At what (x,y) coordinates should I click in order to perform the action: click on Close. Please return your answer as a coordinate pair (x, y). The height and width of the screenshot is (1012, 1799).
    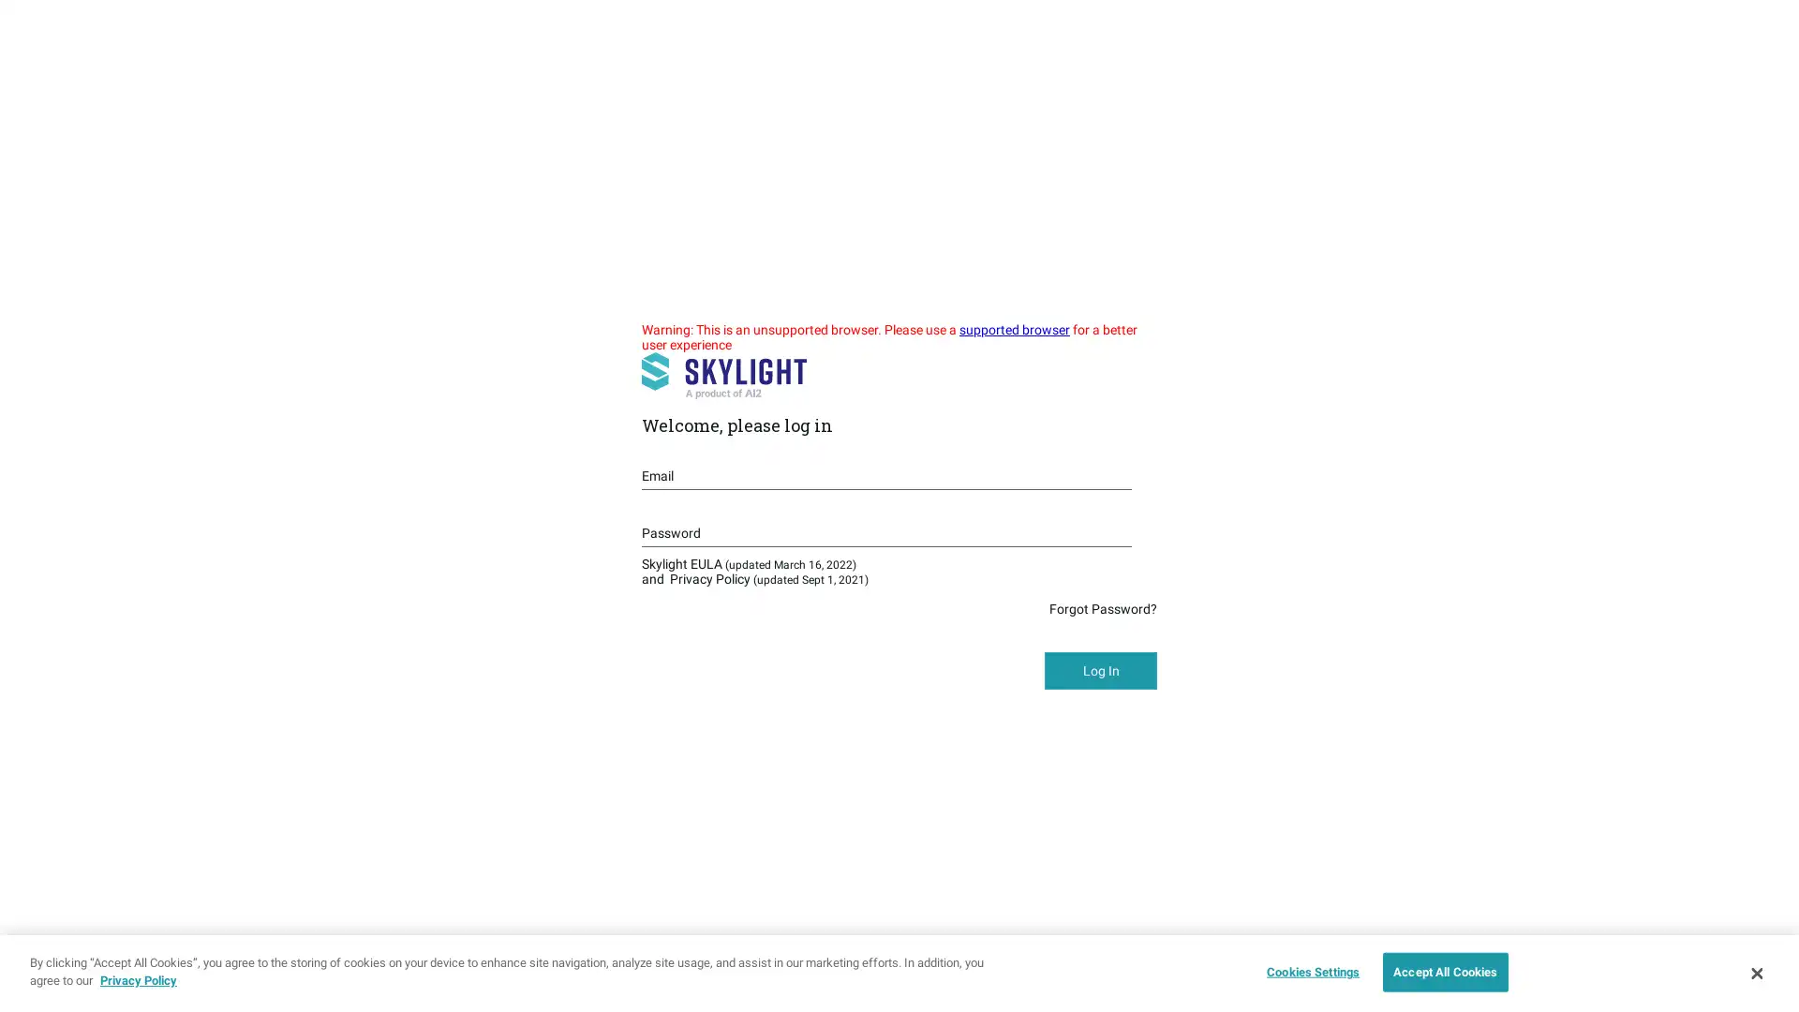
    Looking at the image, I should click on (1755, 971).